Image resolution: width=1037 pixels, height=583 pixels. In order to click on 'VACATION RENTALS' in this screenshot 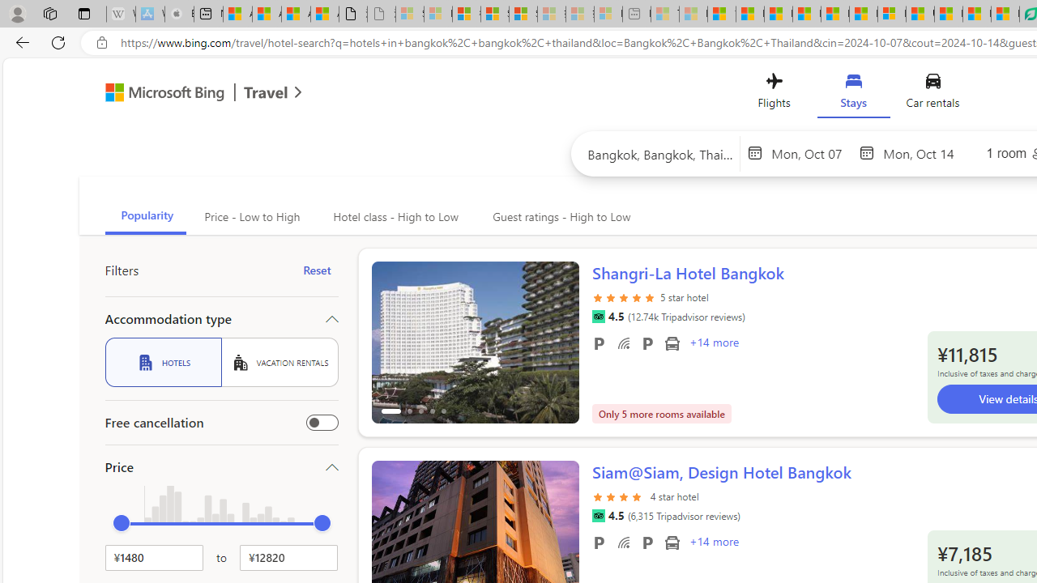, I will do `click(280, 361)`.